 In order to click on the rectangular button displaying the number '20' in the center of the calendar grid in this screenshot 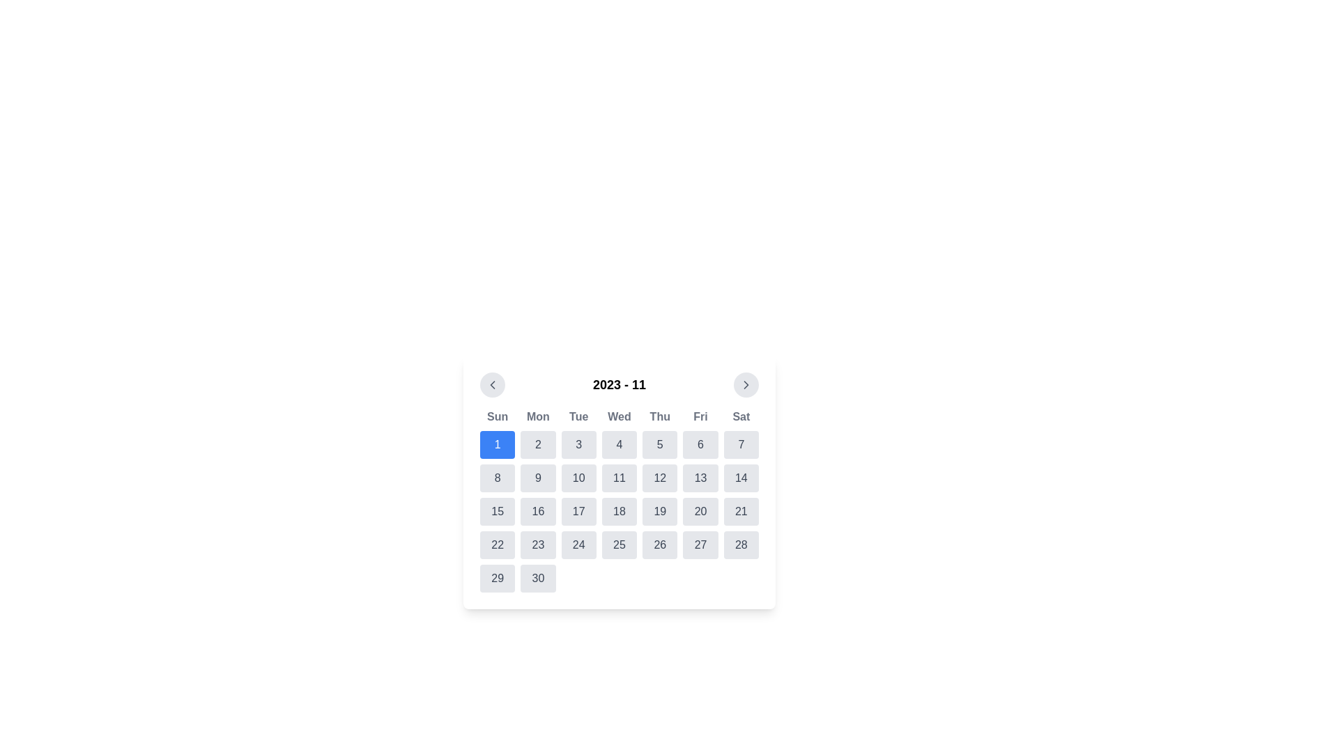, I will do `click(700, 512)`.